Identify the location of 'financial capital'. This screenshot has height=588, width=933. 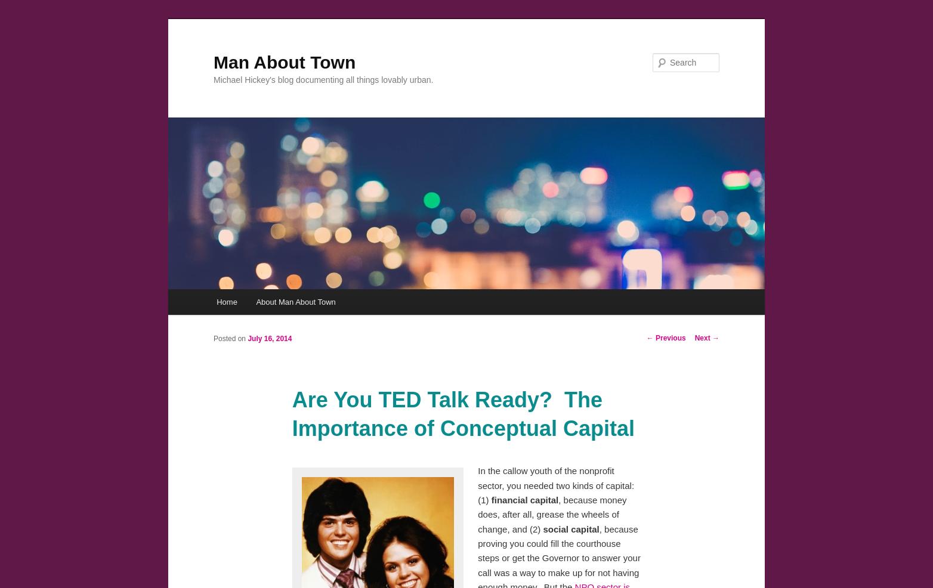
(524, 499).